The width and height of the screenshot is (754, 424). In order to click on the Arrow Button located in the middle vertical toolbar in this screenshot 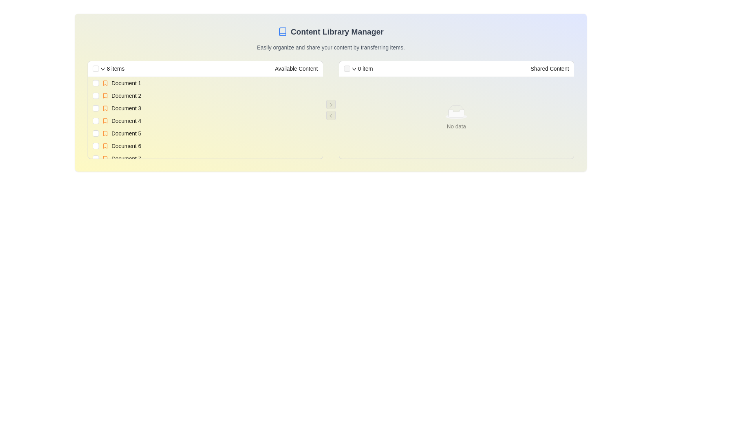, I will do `click(331, 104)`.